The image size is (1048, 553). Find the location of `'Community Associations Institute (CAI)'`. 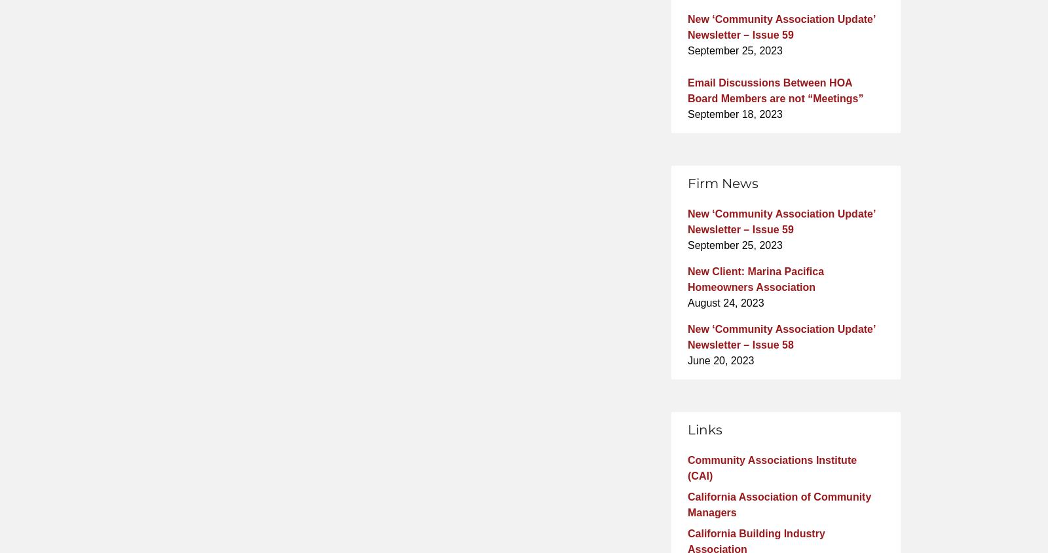

'Community Associations Institute (CAI)' is located at coordinates (772, 467).